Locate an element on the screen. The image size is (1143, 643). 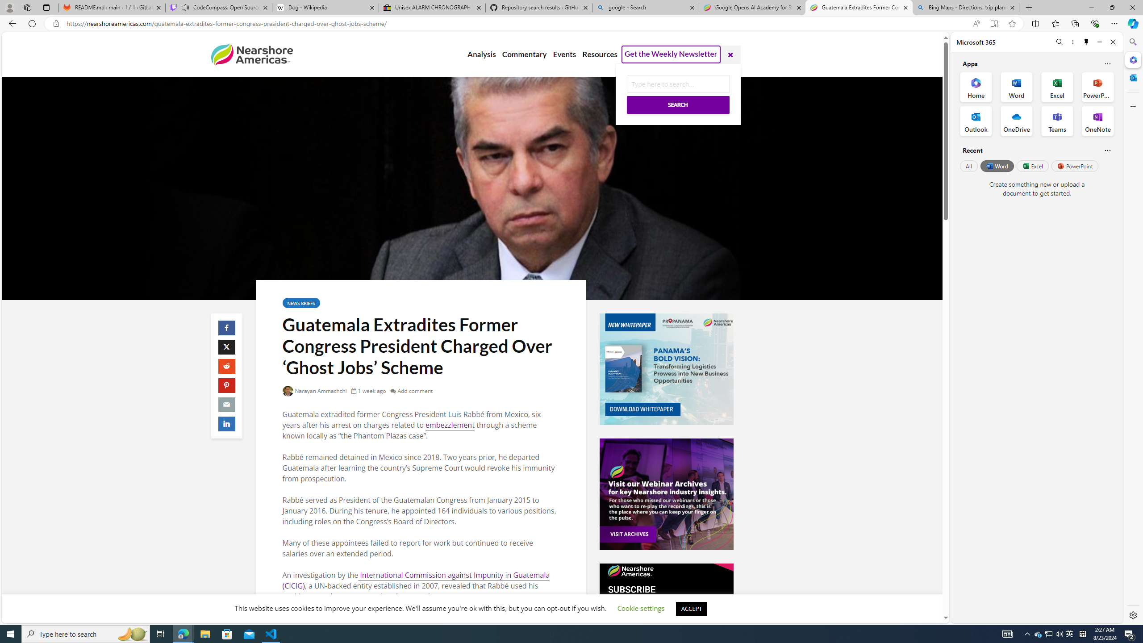
'OneNote Office App' is located at coordinates (1097, 121).